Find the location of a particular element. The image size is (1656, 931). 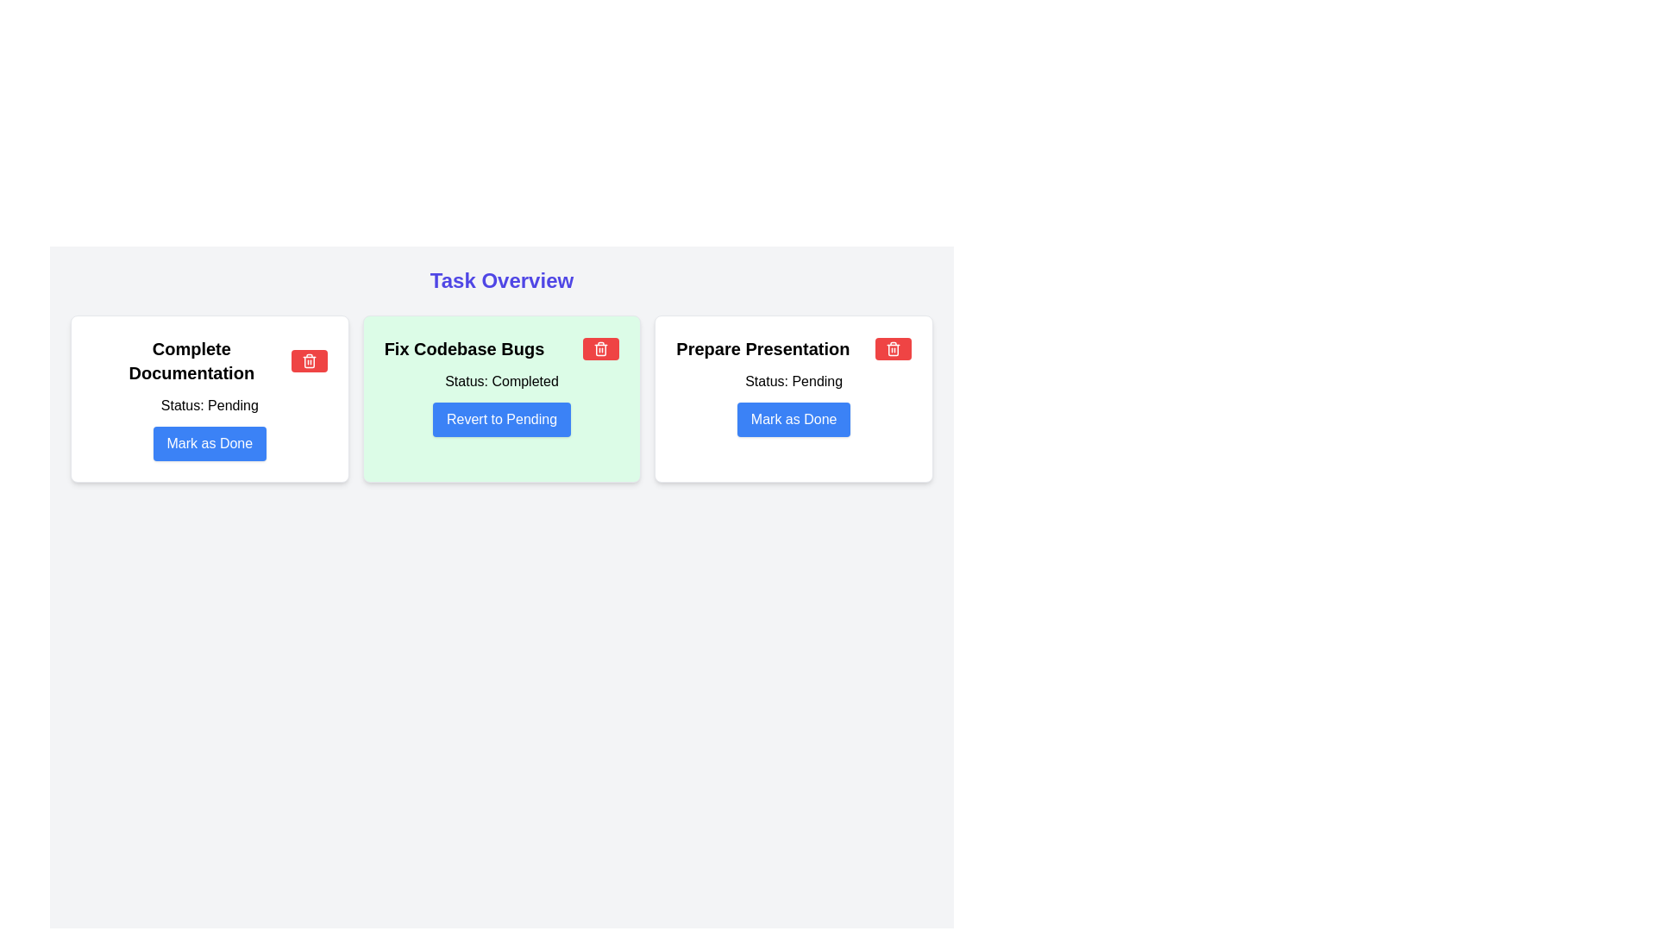

the text label displaying the current status of the task in the 'Prepare Presentation' card, located below the title and above the 'Mark as Done' button is located at coordinates (793, 381).